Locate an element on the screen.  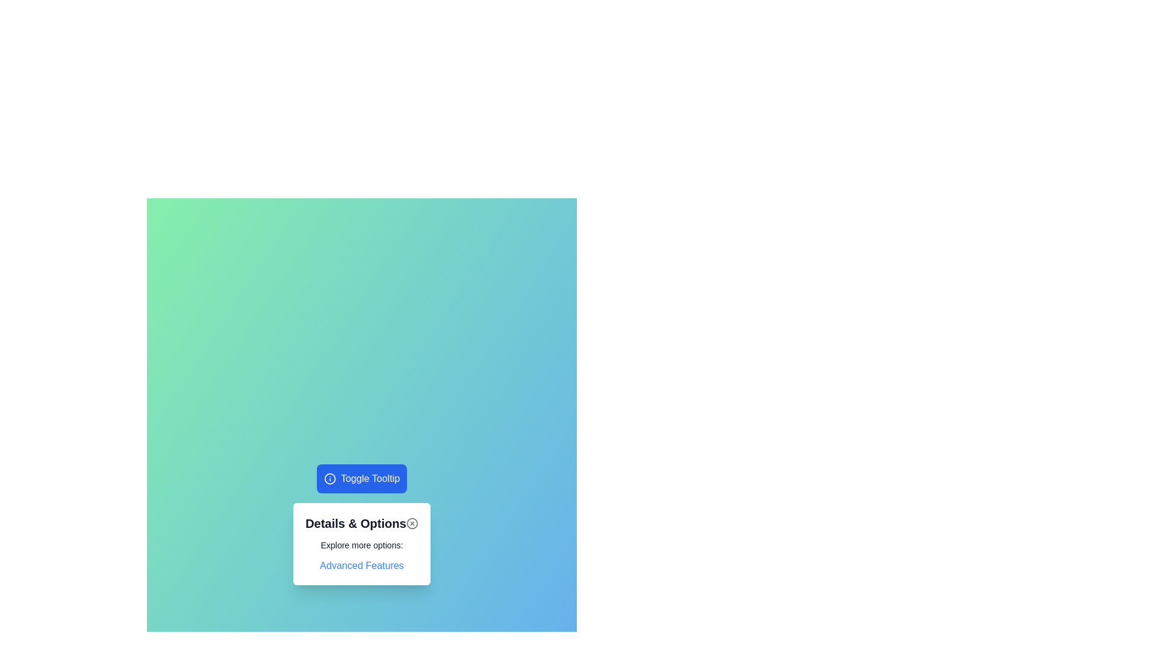
the close icon button, which is a small circular button with a '×' mark located to the right of the 'Details & Options' text label is located at coordinates (412, 523).